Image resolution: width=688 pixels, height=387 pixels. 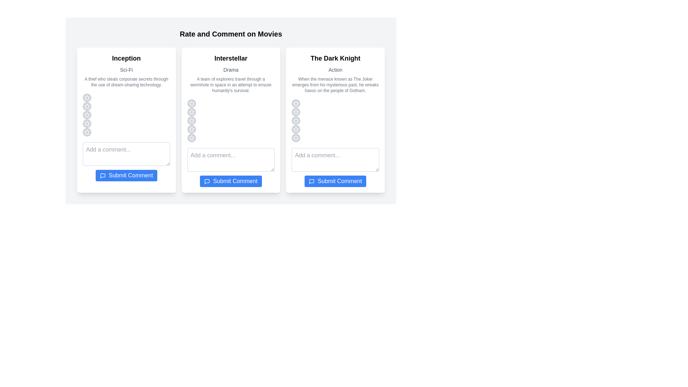 What do you see at coordinates (87, 114) in the screenshot?
I see `the star corresponding to the rating 3 for the movie Inception` at bounding box center [87, 114].